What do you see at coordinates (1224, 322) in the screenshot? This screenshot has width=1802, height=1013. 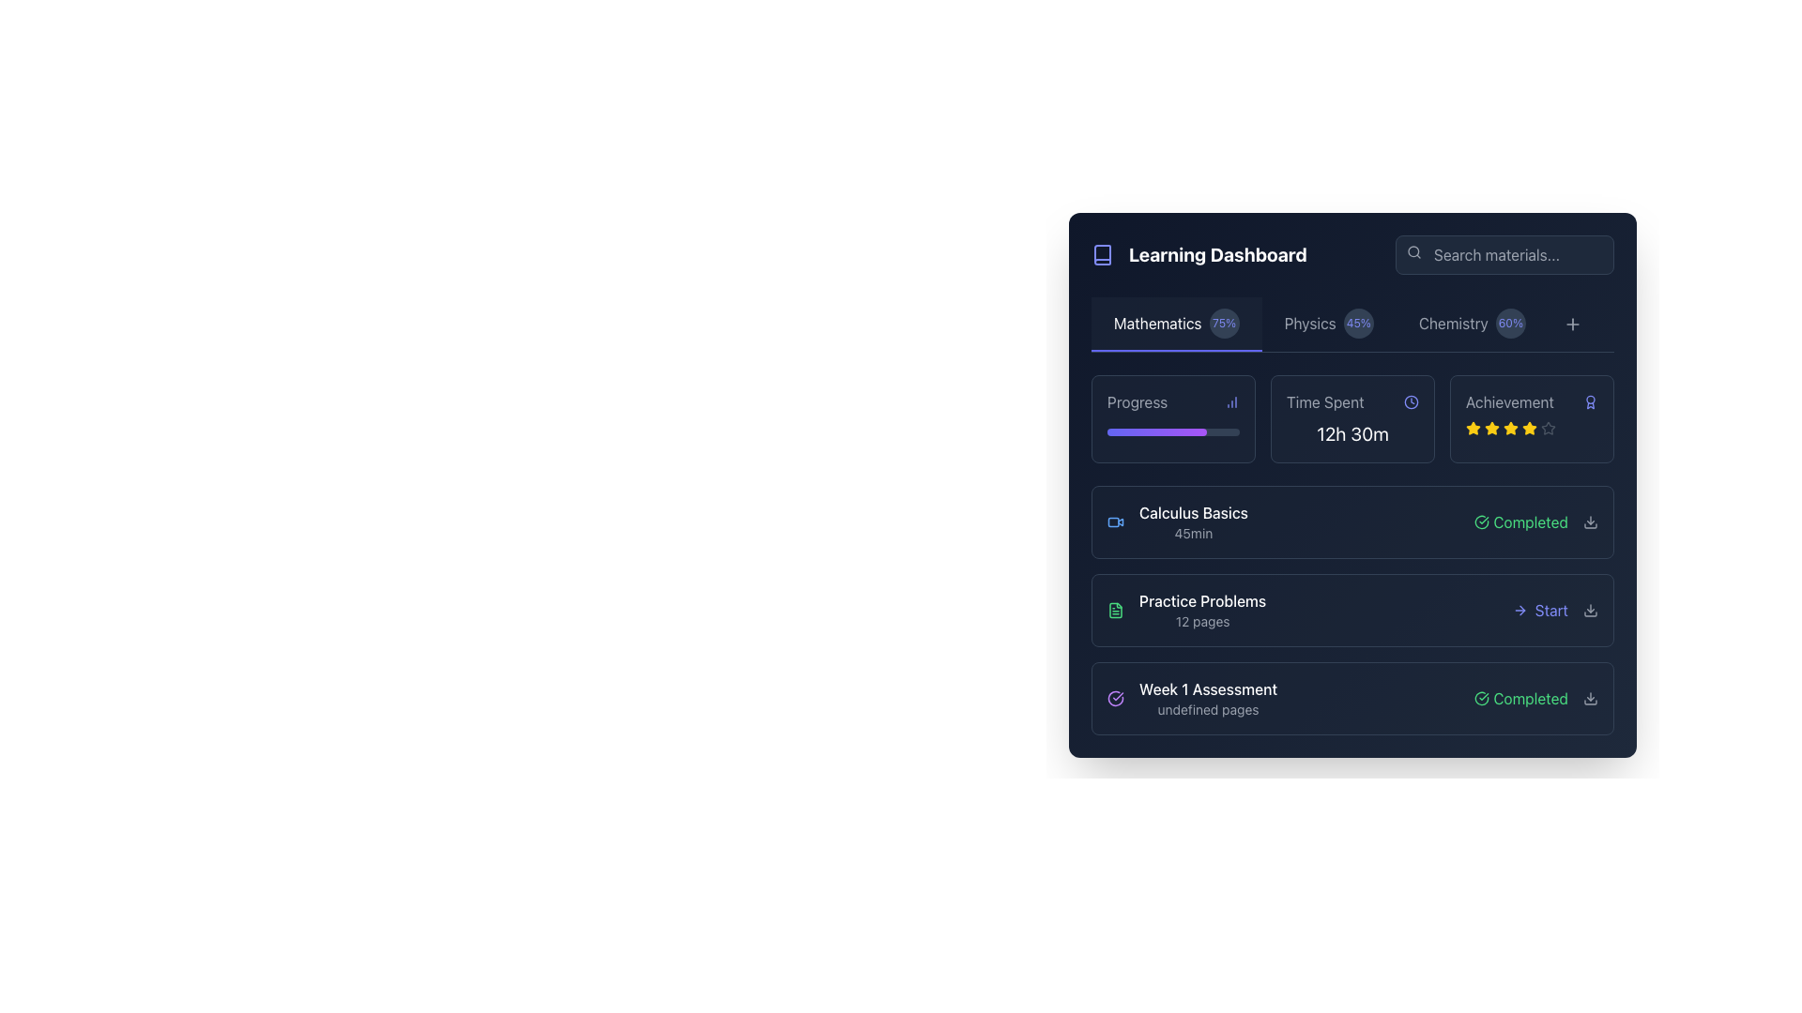 I see `the static text displaying '75%' in light blue color, which is located within a circular dark slate background, to the immediate right of the 'Mathematics' label in the Learning Dashboard interface` at bounding box center [1224, 322].